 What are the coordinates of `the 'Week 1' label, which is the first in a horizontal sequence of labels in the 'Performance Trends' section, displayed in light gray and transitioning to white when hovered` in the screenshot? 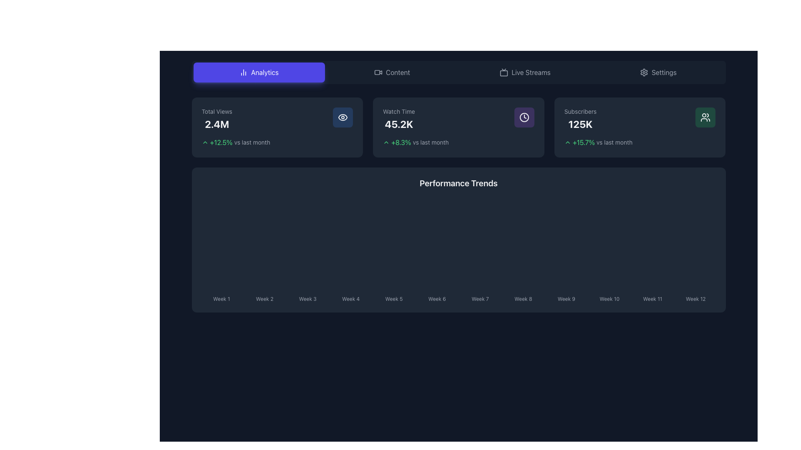 It's located at (222, 297).